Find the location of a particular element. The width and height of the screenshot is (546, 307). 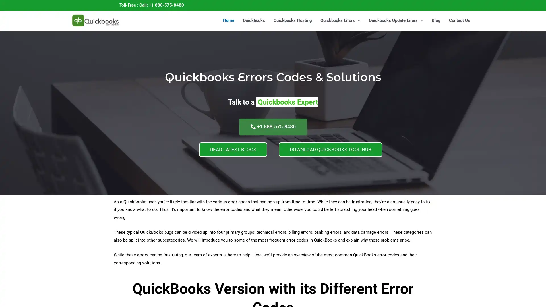

READ LATEST BLOGS is located at coordinates (233, 149).